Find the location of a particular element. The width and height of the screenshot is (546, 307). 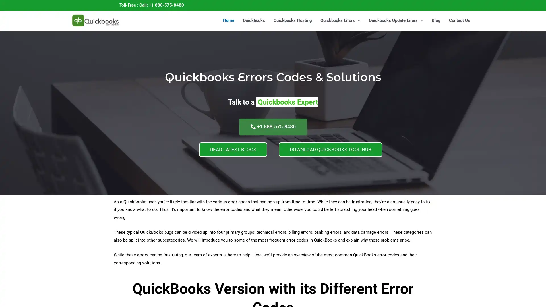

READ LATEST BLOGS is located at coordinates (233, 149).